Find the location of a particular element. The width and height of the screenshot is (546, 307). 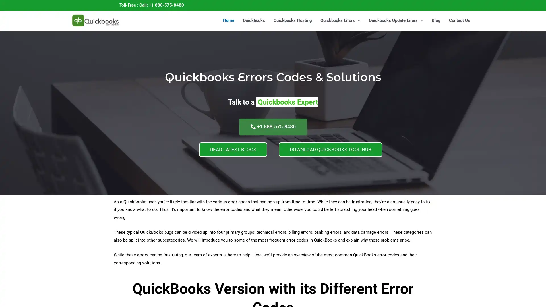

READ LATEST BLOGS is located at coordinates (233, 149).